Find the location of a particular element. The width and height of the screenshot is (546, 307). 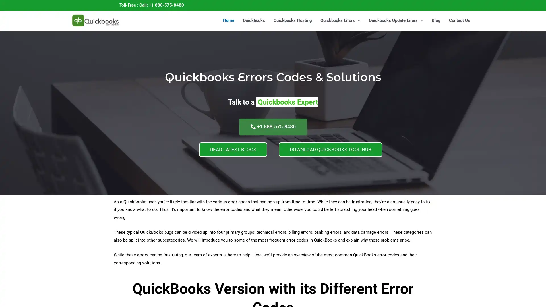

READ LATEST BLOGS is located at coordinates (233, 149).